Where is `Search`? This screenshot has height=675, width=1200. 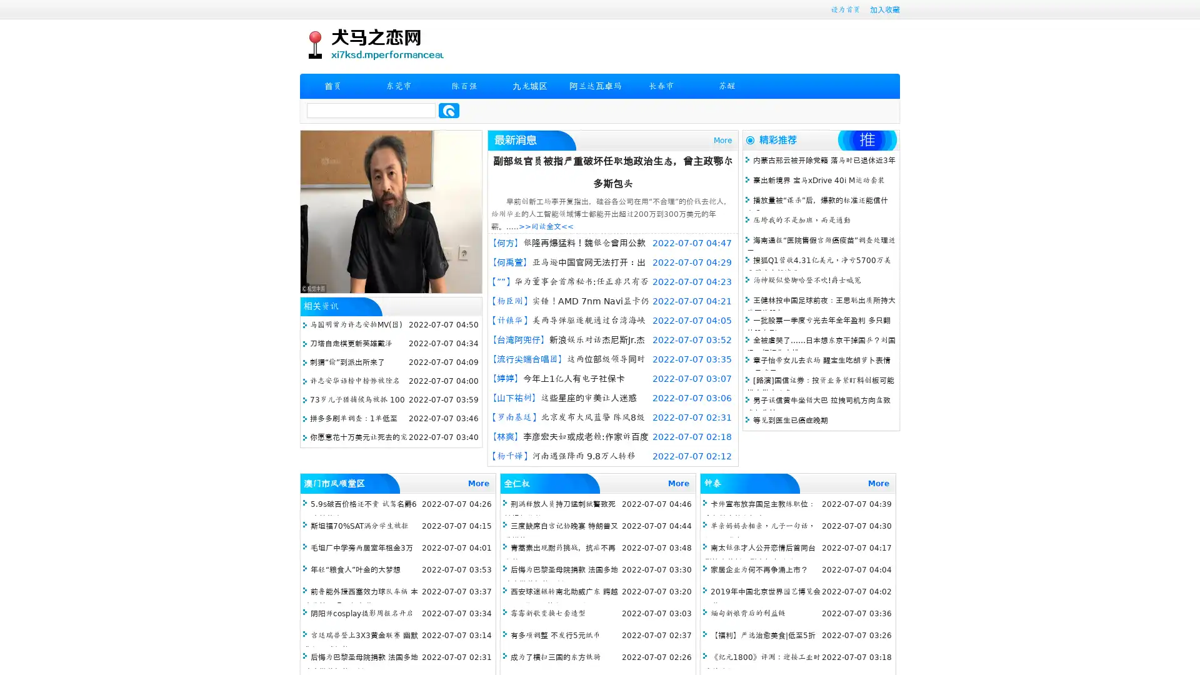
Search is located at coordinates (449, 110).